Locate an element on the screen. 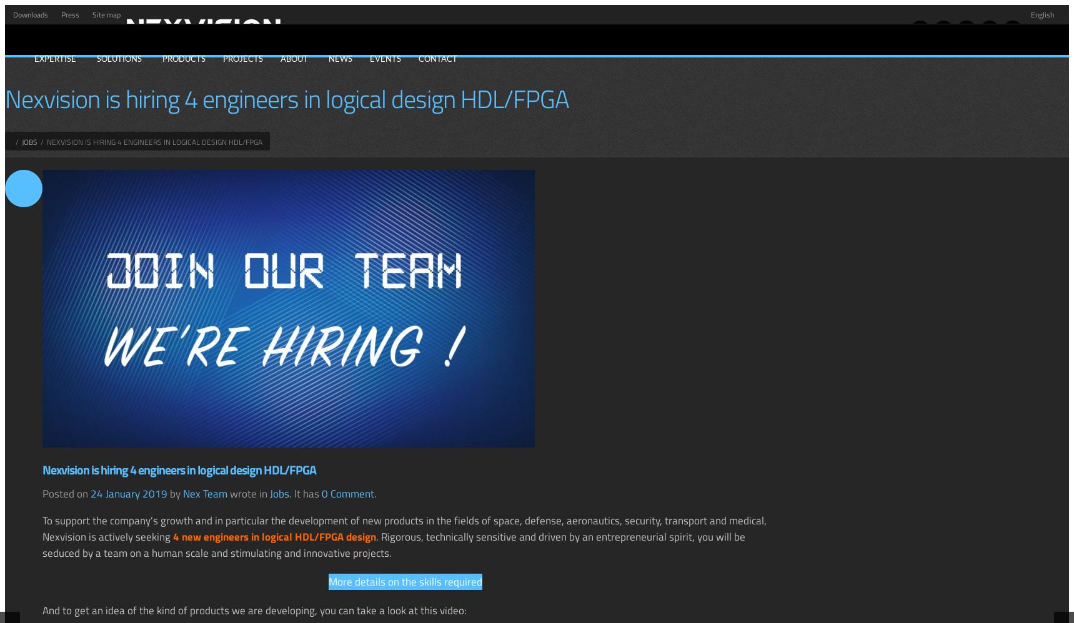 Image resolution: width=1074 pixels, height=623 pixels. '4 new engineers in logical HDL/FPGA design' is located at coordinates (172, 535).